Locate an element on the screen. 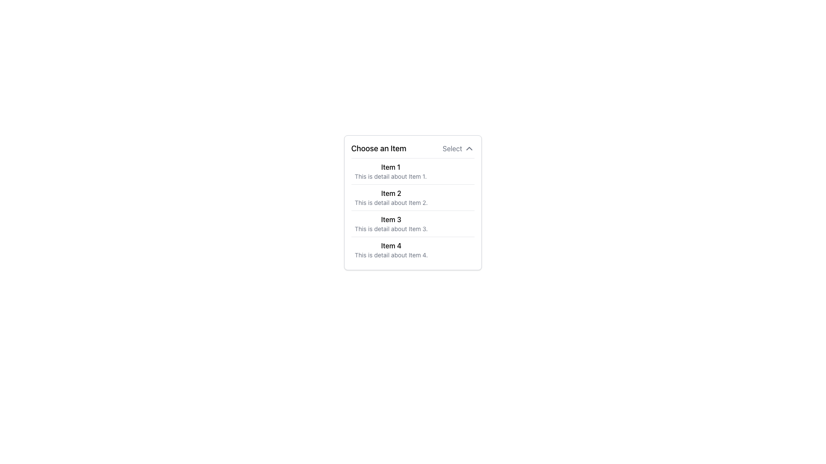  the first list item labeled 'Item 1' is located at coordinates (412, 171).